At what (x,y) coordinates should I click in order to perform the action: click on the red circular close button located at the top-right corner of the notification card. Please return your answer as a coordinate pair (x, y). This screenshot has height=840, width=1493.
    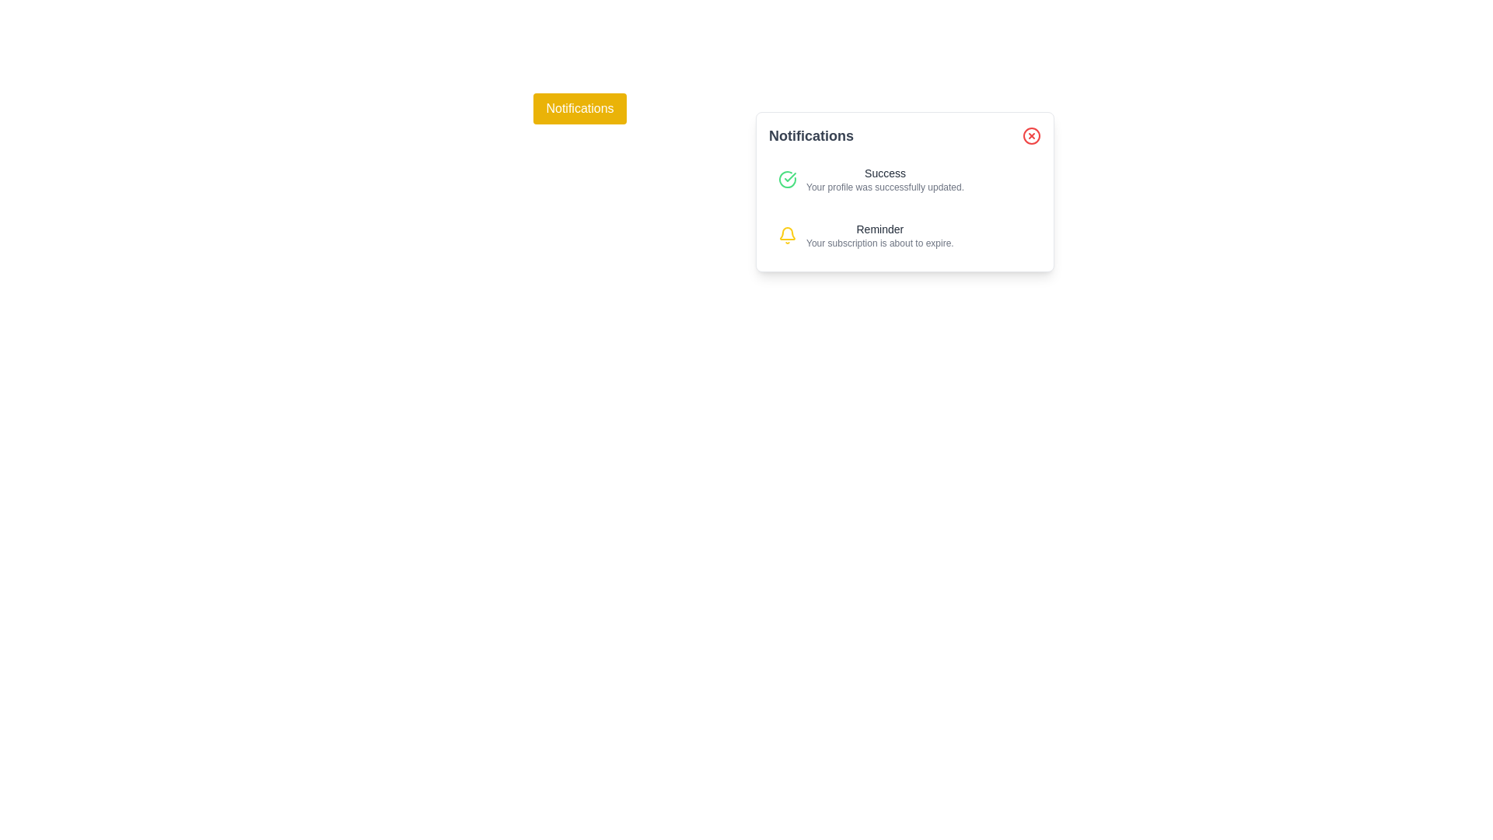
    Looking at the image, I should click on (1031, 135).